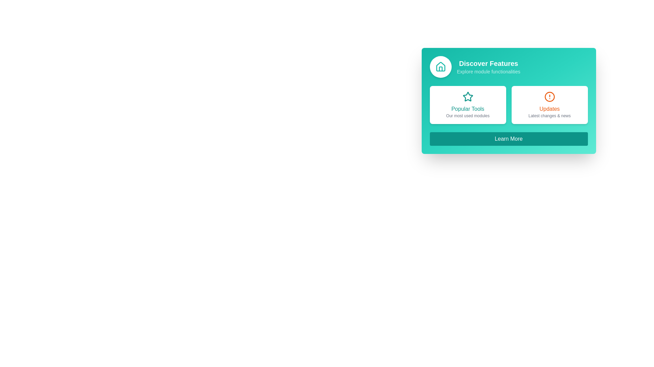 This screenshot has height=367, width=654. What do you see at coordinates (488, 67) in the screenshot?
I see `the text block containing the header 'Discover Features' and subtext 'Explore module functionalities', which is located in the top-left part of the card layout against a teal background` at bounding box center [488, 67].